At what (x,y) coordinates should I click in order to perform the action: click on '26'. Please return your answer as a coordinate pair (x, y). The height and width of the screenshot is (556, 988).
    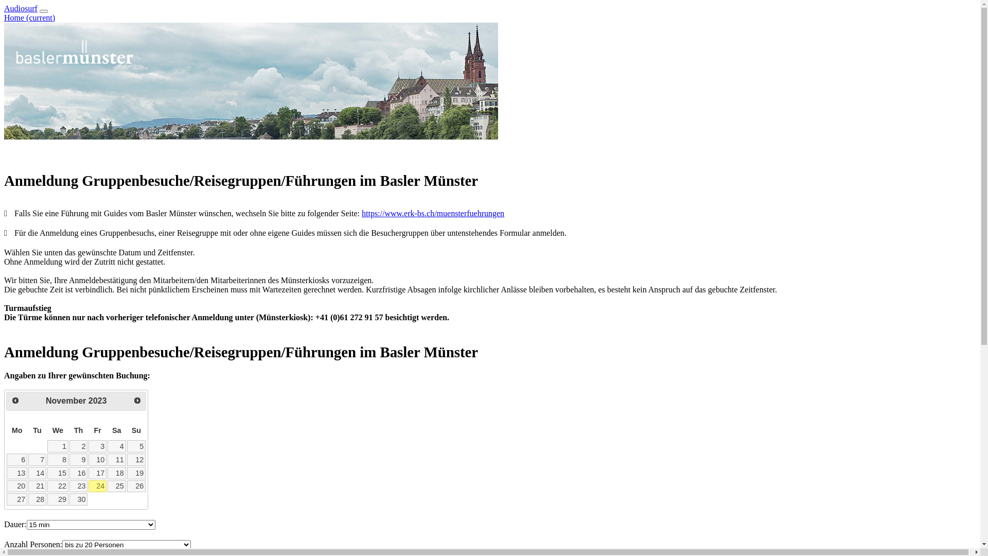
    Looking at the image, I should click on (136, 486).